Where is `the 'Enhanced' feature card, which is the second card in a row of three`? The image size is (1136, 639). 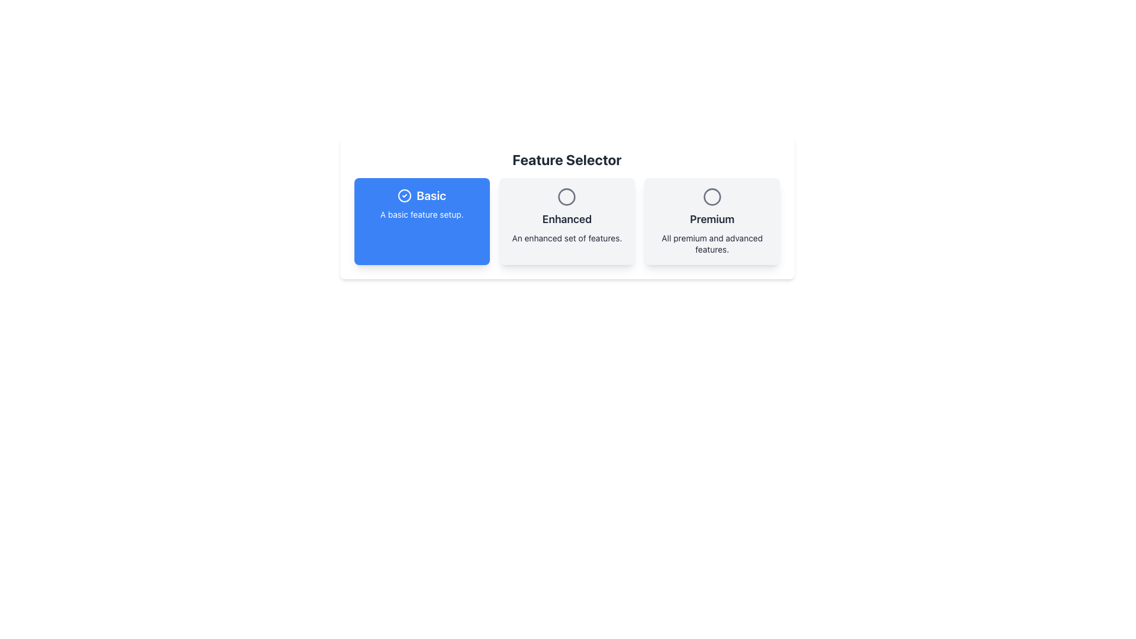 the 'Enhanced' feature card, which is the second card in a row of three is located at coordinates (566, 221).